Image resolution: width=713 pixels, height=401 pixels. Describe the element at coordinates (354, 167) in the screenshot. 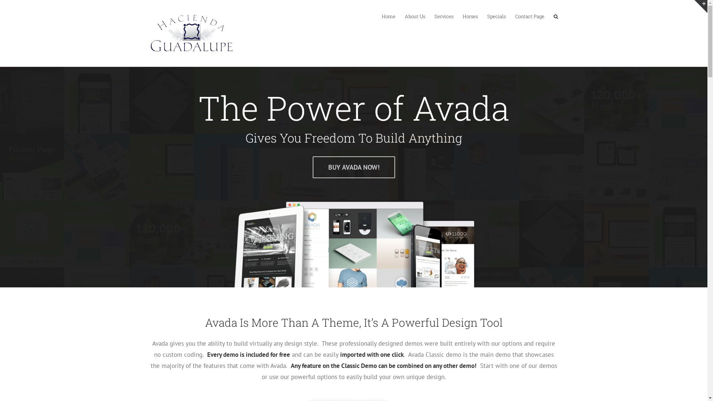

I see `'BUY AVADA NOW!'` at that location.